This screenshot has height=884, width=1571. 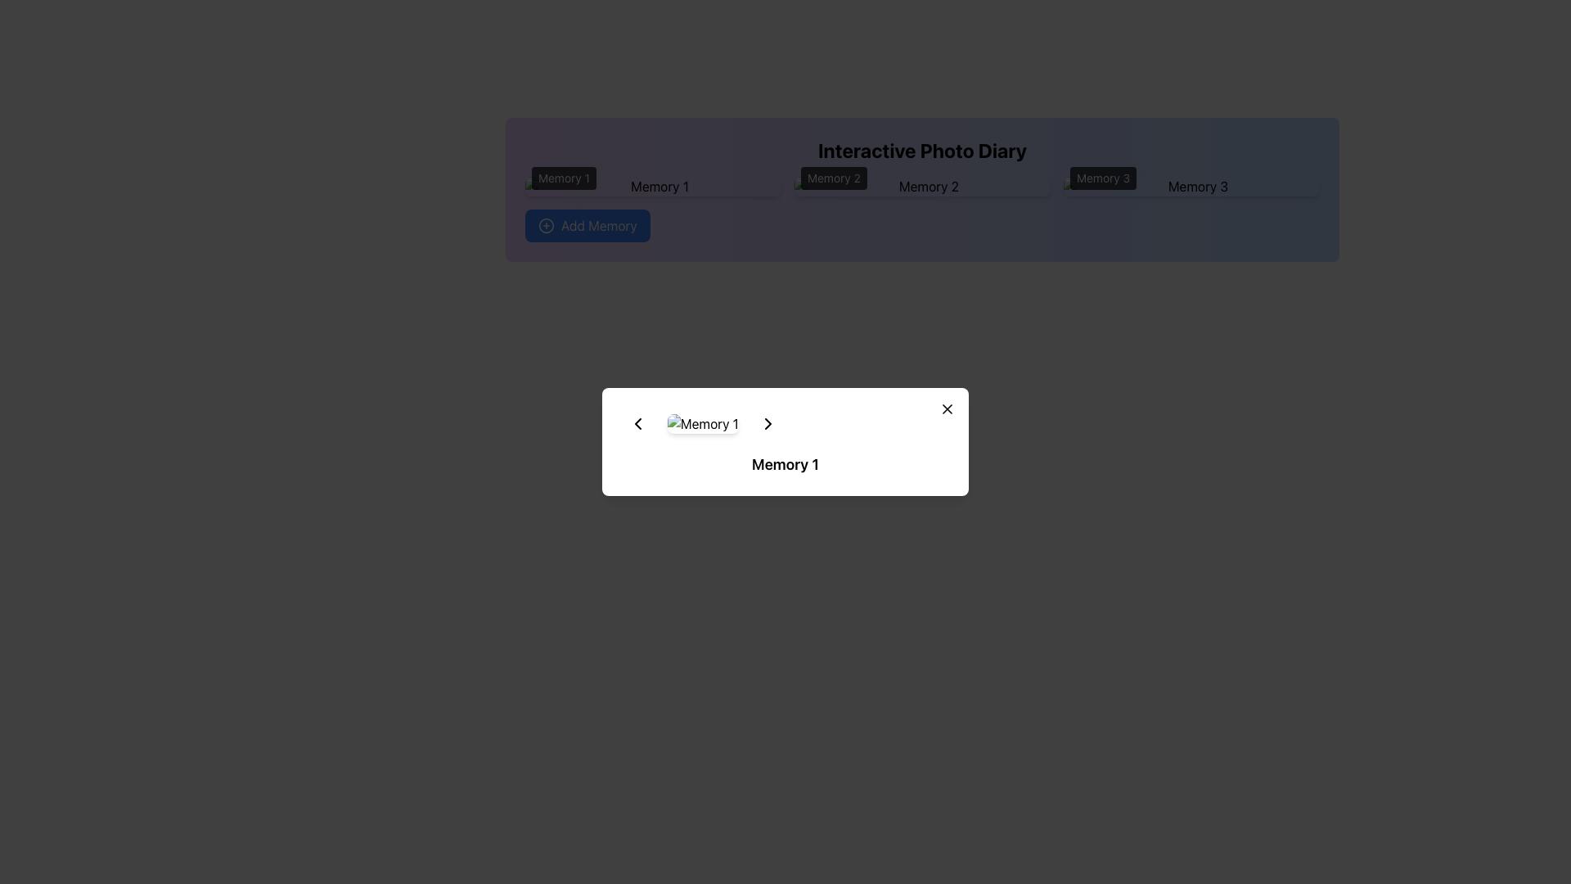 What do you see at coordinates (767, 422) in the screenshot?
I see `the navigational icon representing a forward or next action located within the modal dialog, near the label 'Memory 1'` at bounding box center [767, 422].